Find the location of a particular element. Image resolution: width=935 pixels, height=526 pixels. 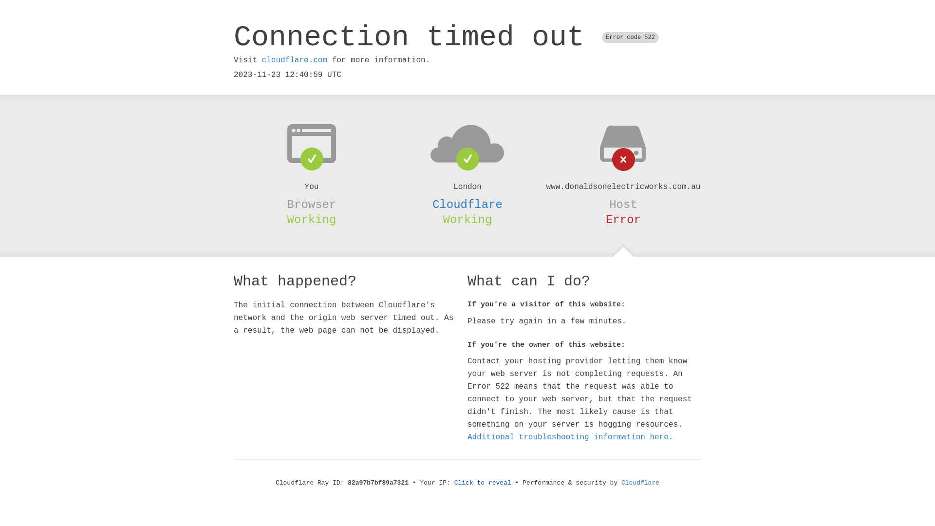

'cloudflare.com' is located at coordinates (262, 60).